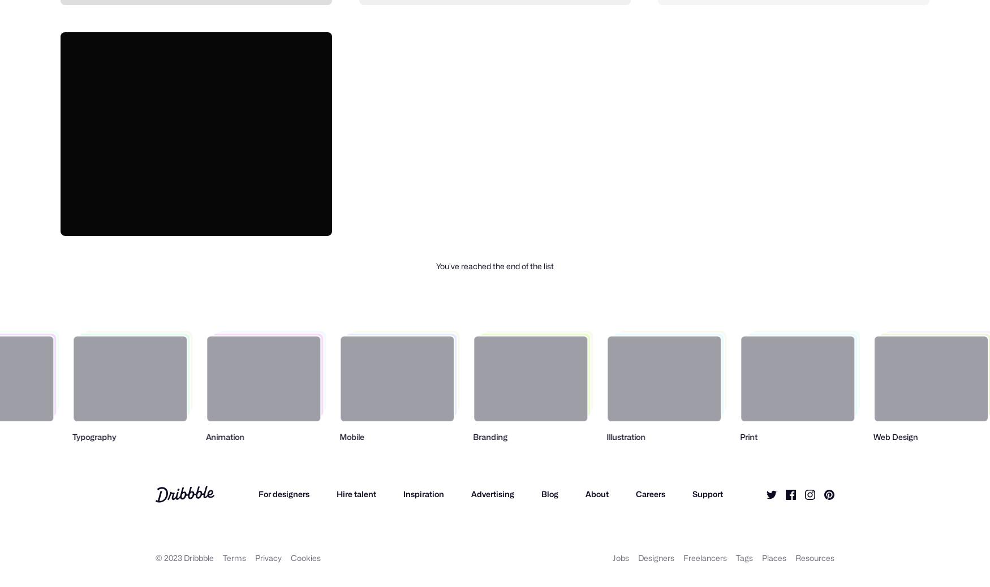  What do you see at coordinates (470, 493) in the screenshot?
I see `'Advertising'` at bounding box center [470, 493].